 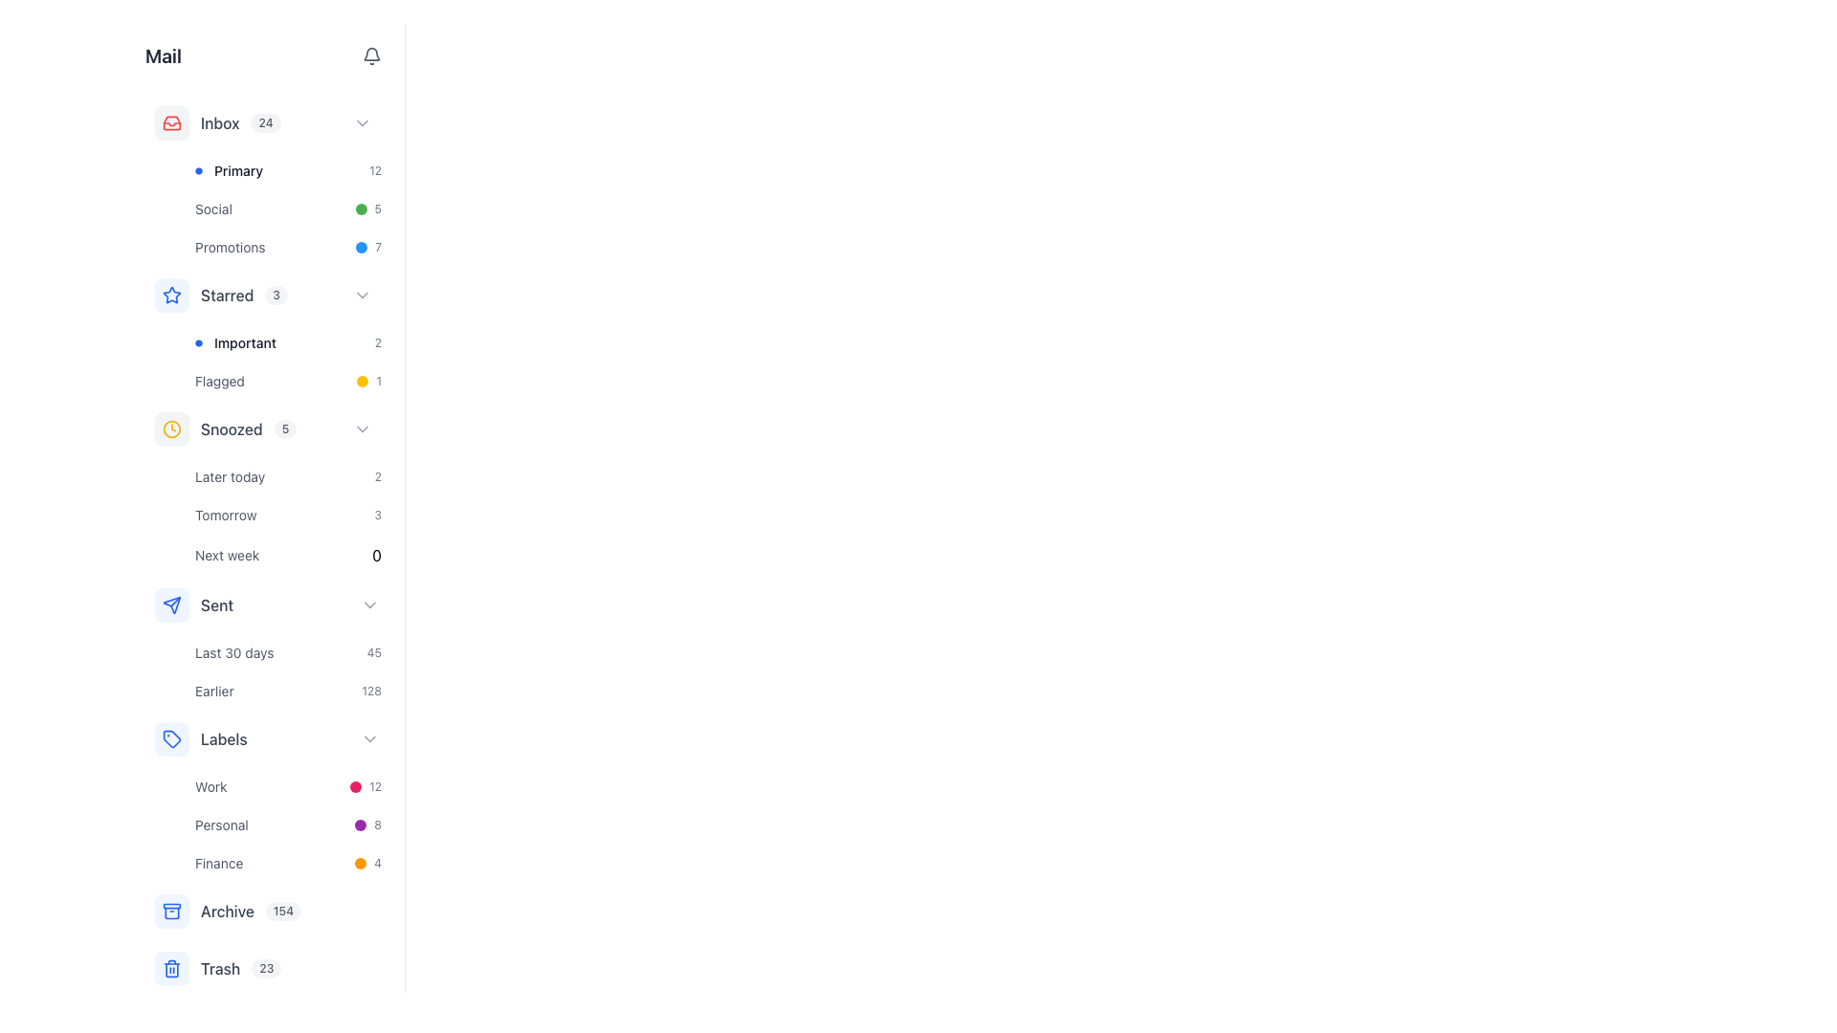 I want to click on text label 'Important' located in the vertical navigation menu on the left side of the interface, positioned under the 'Starred' section and following a circular blue icon, so click(x=244, y=341).